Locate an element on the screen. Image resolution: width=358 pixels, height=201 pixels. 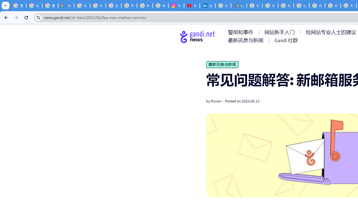
'AutomationID: menu-item-77766' is located at coordinates (246, 40).